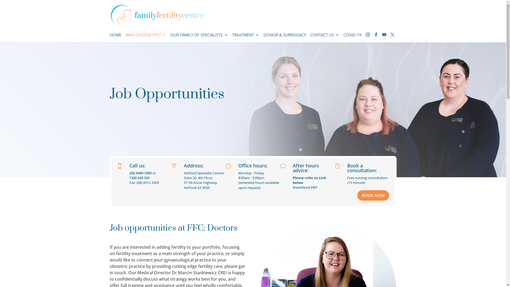  Describe the element at coordinates (139, 178) in the screenshot. I see `'1300 639 326'` at that location.